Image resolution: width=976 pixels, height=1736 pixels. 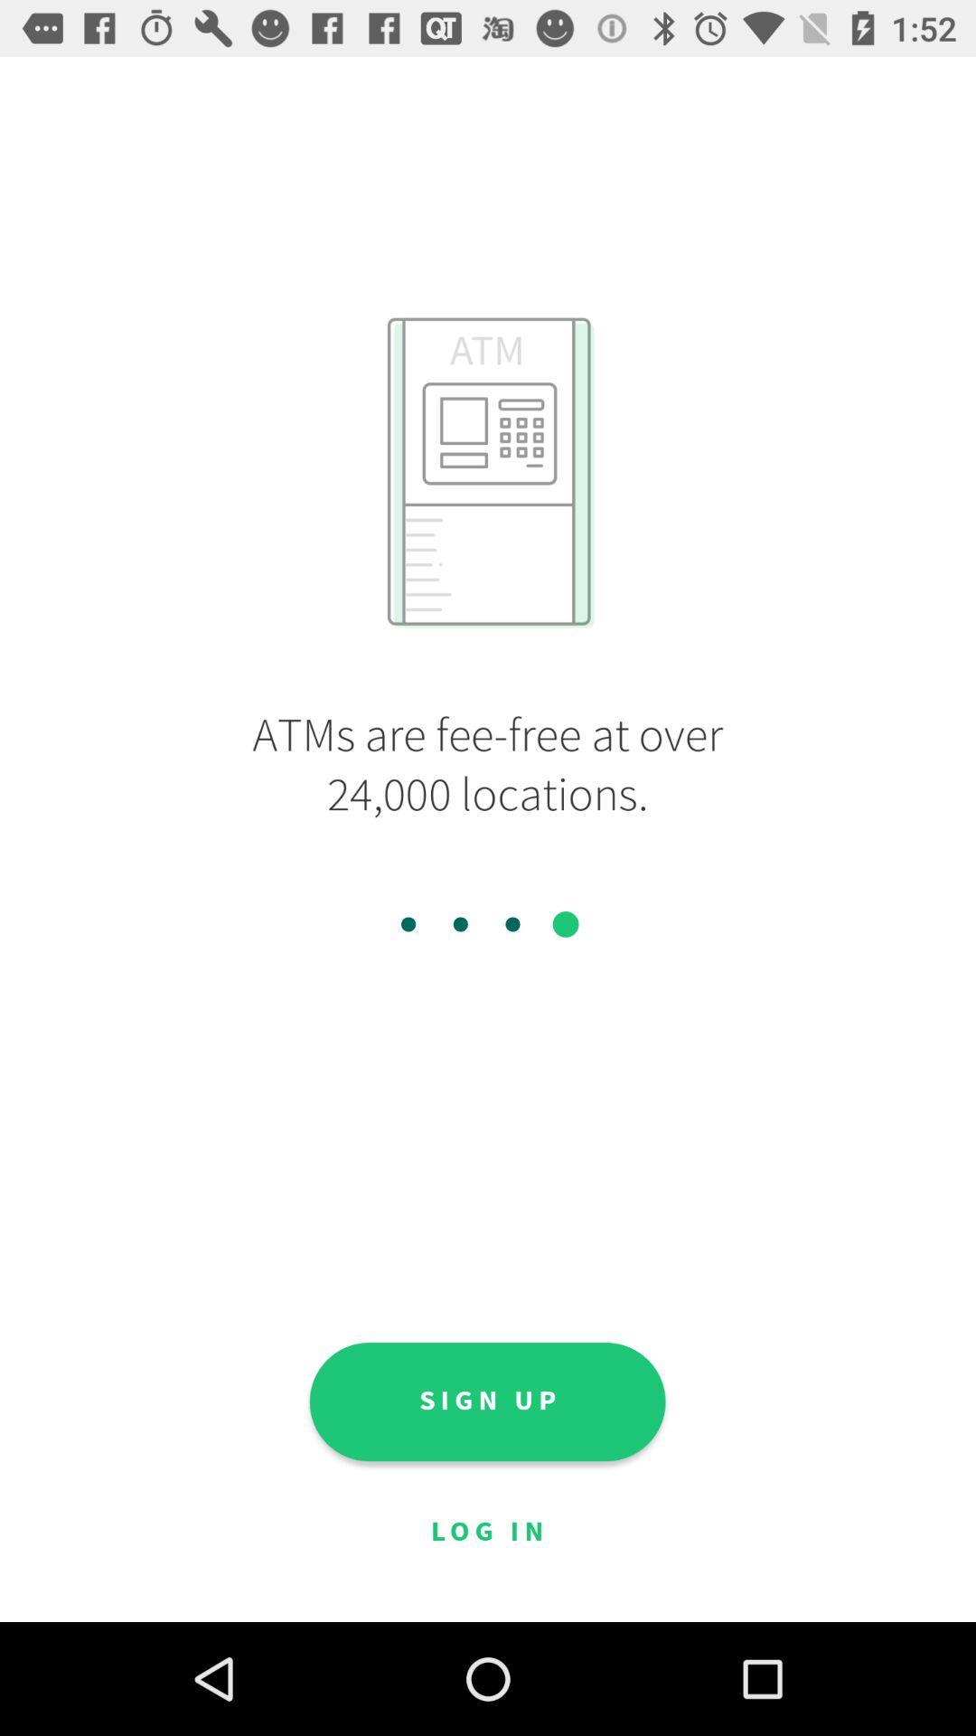 I want to click on item below the sign up icon, so click(x=486, y=1532).